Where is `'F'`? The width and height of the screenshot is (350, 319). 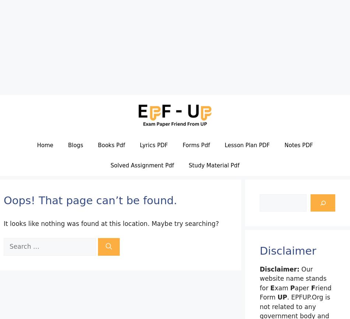
'F' is located at coordinates (310, 287).